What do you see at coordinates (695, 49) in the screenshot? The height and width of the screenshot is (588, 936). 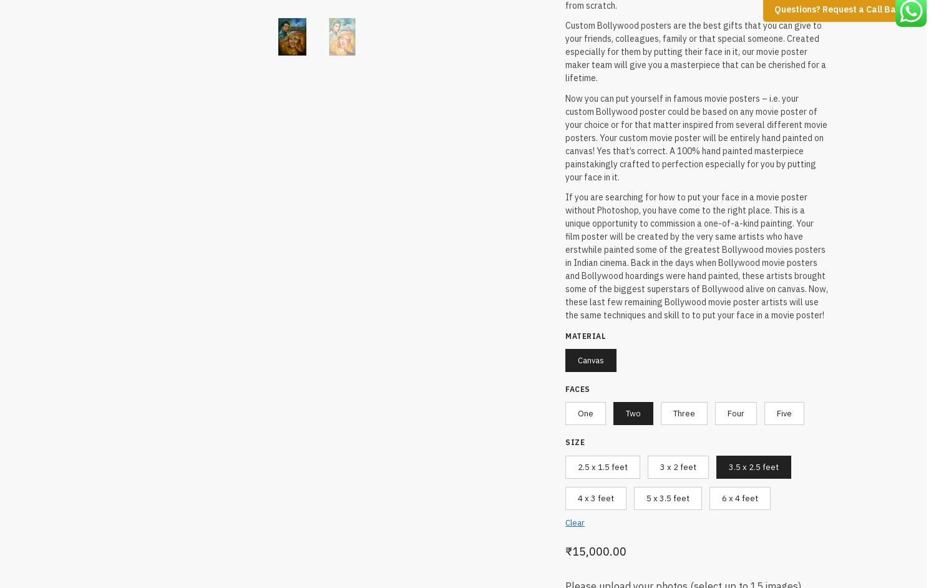 I see `'Custom Bollywood posters are the best gifts that you can give to your friends, colleagues, family or that special someone. Created especially for them by putting their face in it, our movie poster maker team will give you a masterpiece that can be cherished for a lifetime.'` at bounding box center [695, 49].